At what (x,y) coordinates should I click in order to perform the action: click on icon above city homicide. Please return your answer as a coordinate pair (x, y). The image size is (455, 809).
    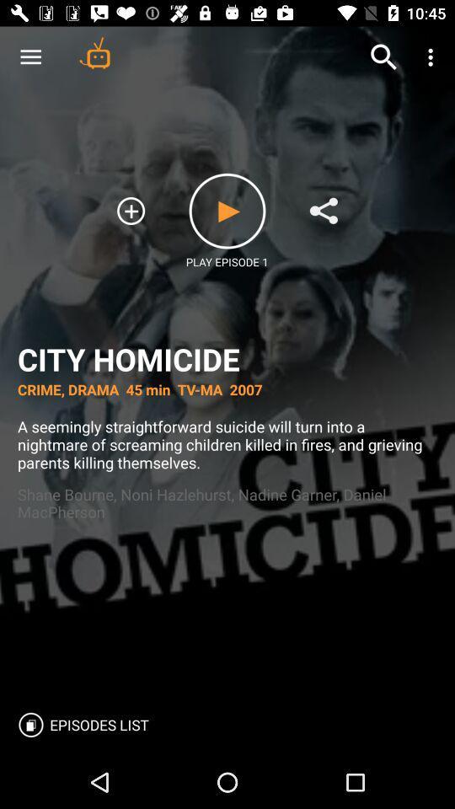
    Looking at the image, I should click on (432, 57).